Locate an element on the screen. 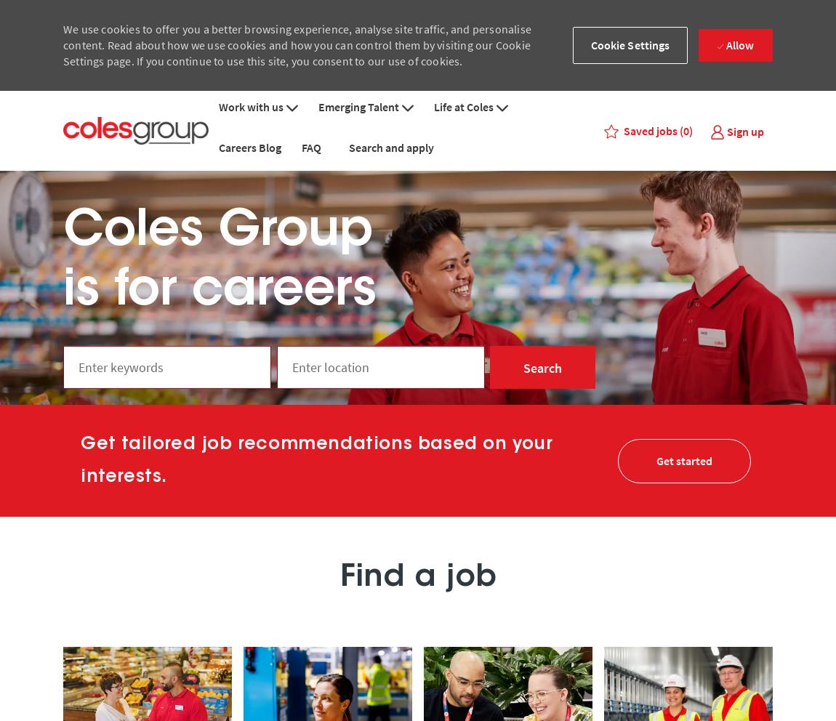  'Saved jobs' is located at coordinates (623, 130).